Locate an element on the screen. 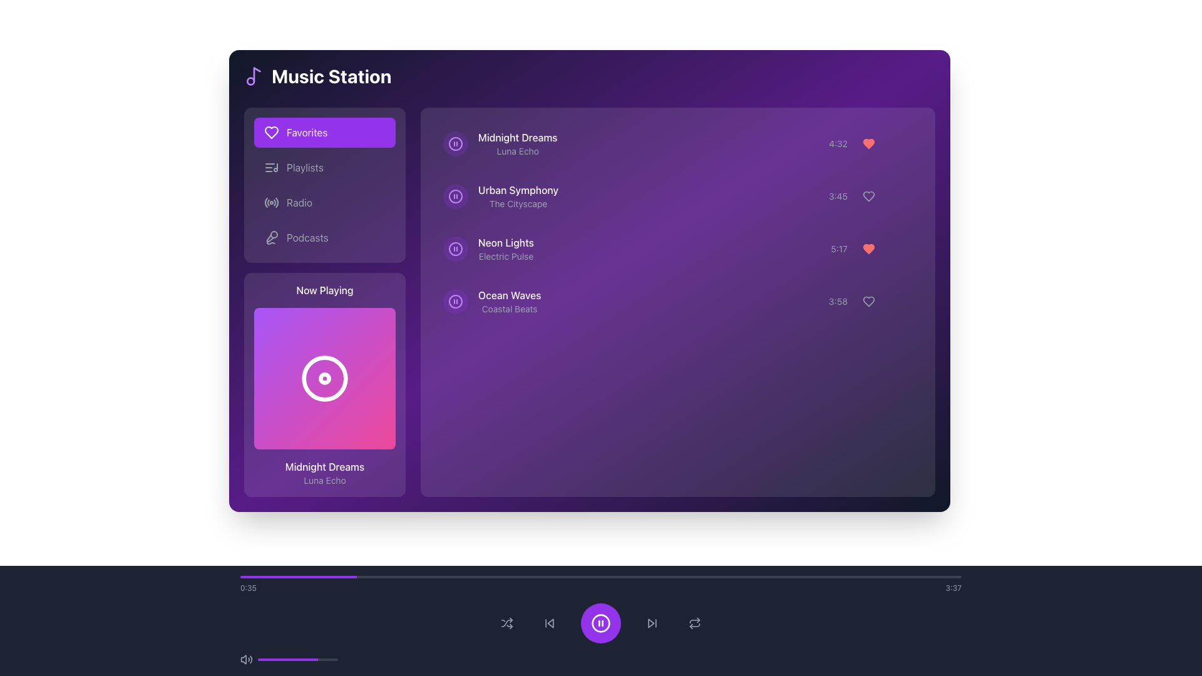  the circular pause button located beside the song title 'Neon Lights' and artist name 'Electric Pulse' is located at coordinates (455, 248).